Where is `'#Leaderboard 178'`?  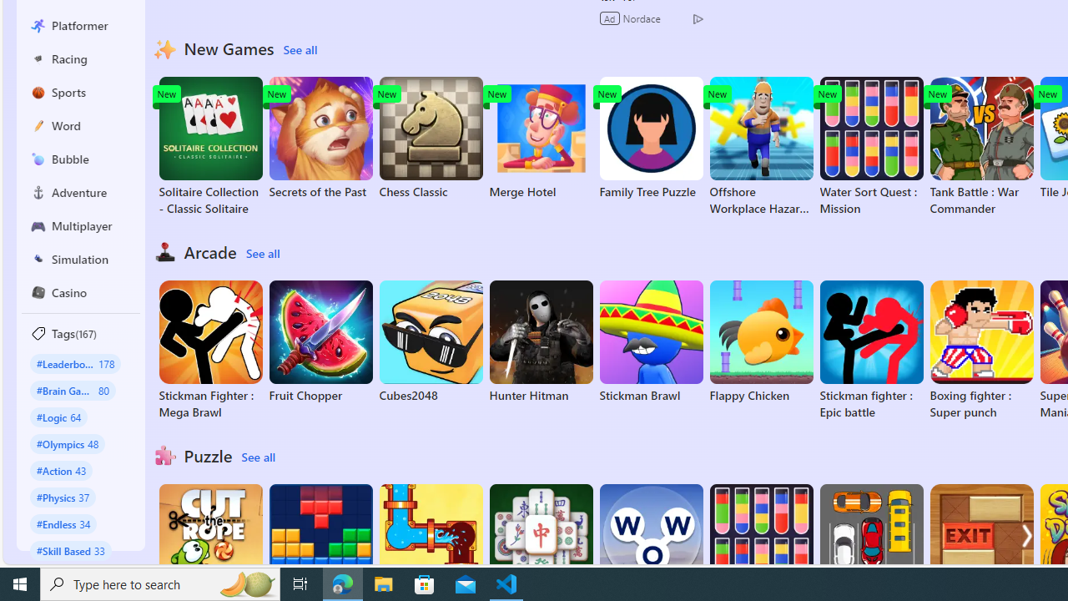
'#Leaderboard 178' is located at coordinates (74, 362).